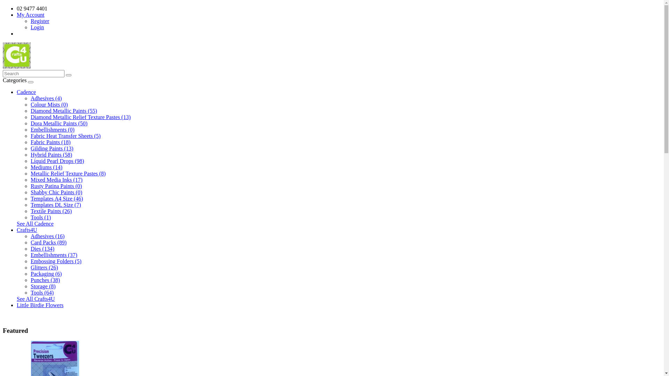  I want to click on 'Mediums (14)', so click(30, 167).